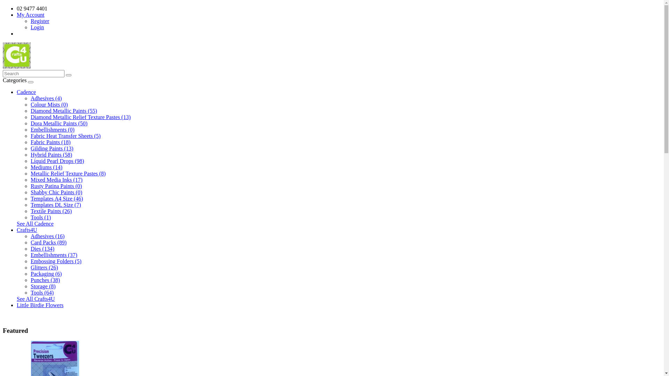  I want to click on 'Mediums (14)', so click(30, 167).